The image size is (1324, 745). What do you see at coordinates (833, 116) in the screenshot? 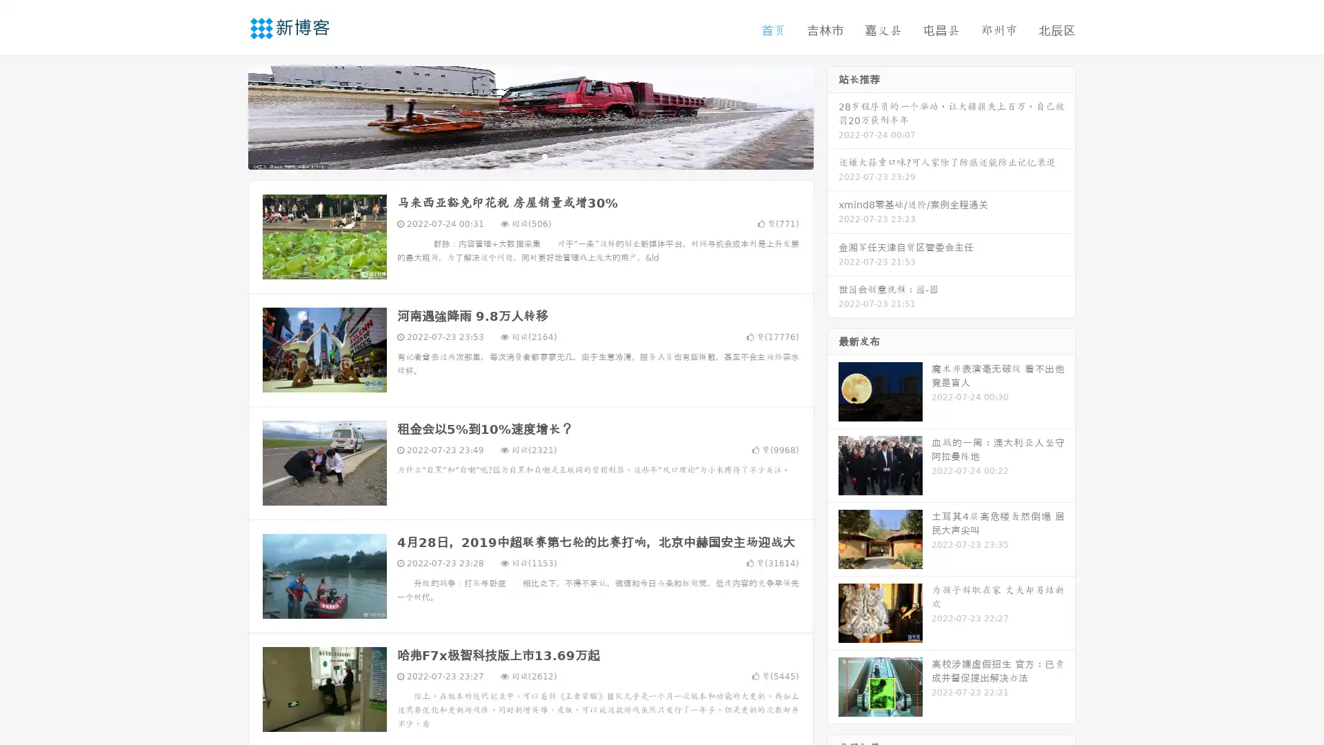
I see `Next slide` at bounding box center [833, 116].